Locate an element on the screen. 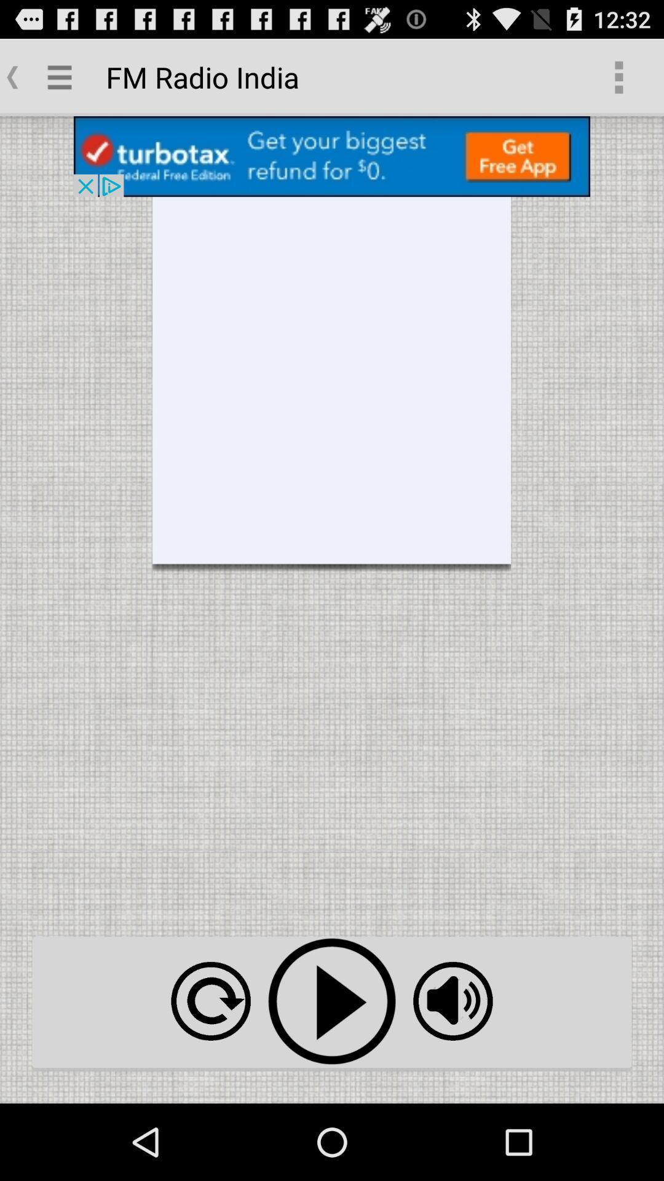 This screenshot has height=1181, width=664. refresh is located at coordinates (210, 1001).